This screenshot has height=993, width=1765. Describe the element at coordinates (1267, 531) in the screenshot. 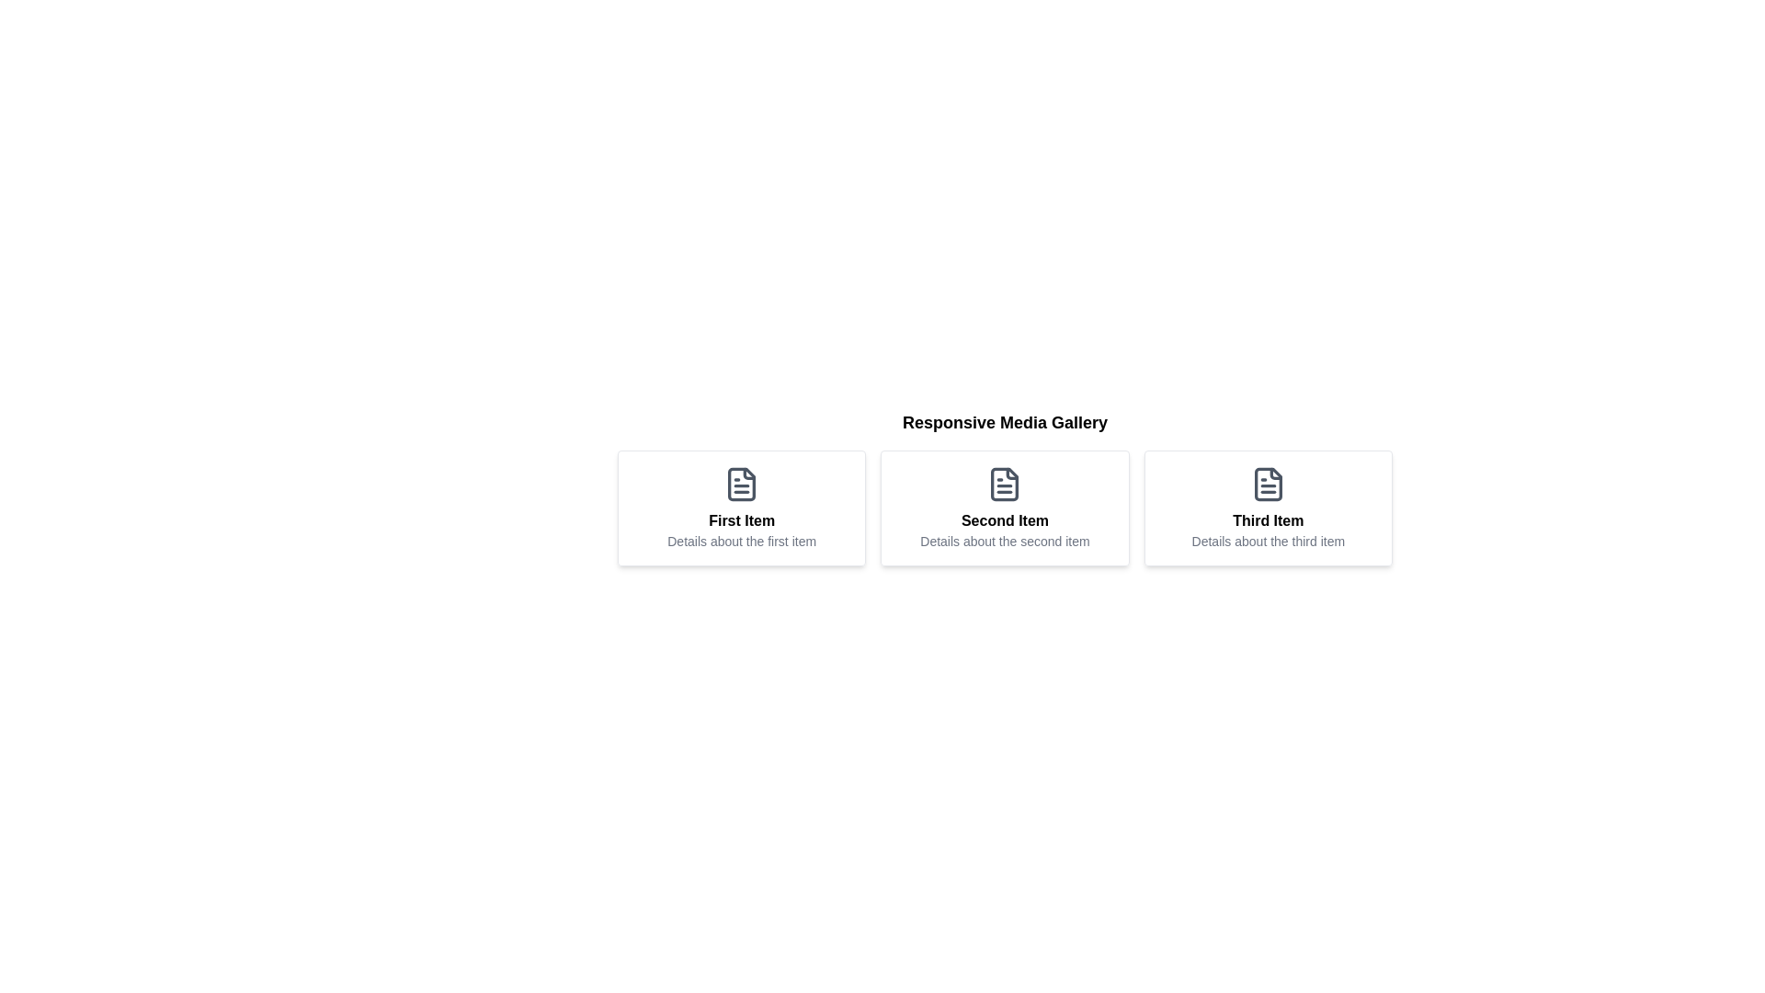

I see `the Text Block element that contains the bold text 'Third Item' and additional details about it, located under the 'Responsive Media Gallery' heading` at that location.